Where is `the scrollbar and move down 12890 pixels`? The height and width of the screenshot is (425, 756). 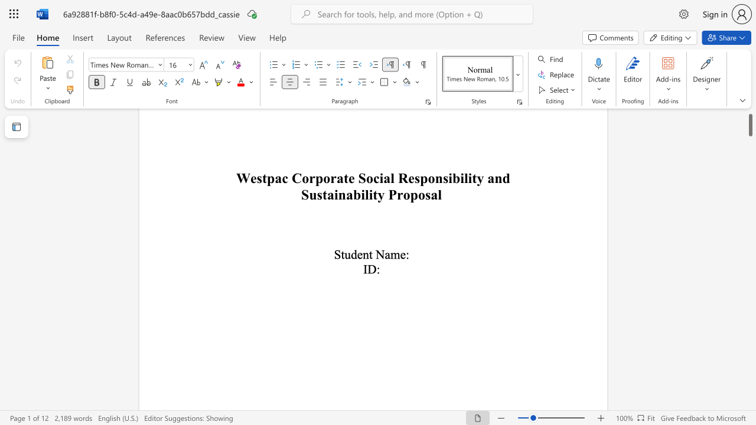 the scrollbar and move down 12890 pixels is located at coordinates (750, 116).